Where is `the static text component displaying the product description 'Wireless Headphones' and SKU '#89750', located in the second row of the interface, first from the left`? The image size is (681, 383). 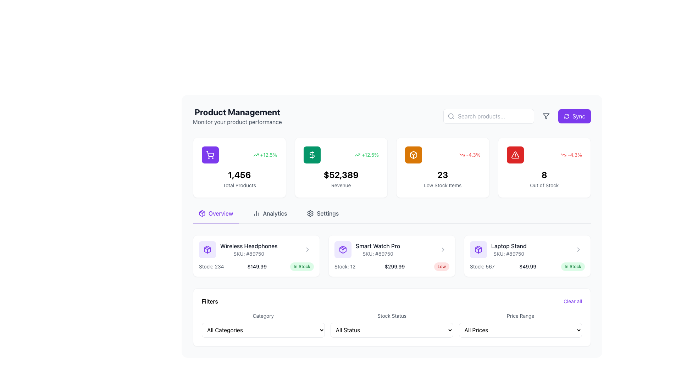 the static text component displaying the product description 'Wireless Headphones' and SKU '#89750', located in the second row of the interface, first from the left is located at coordinates (249, 249).